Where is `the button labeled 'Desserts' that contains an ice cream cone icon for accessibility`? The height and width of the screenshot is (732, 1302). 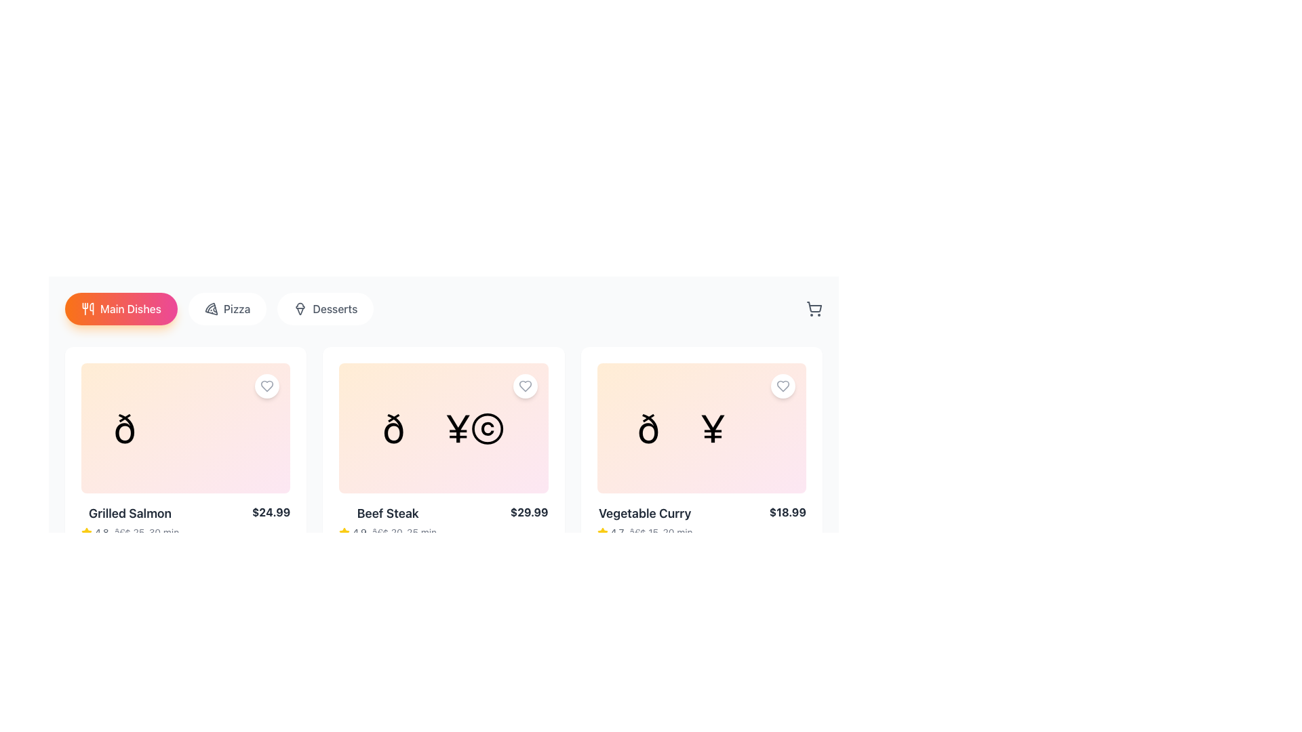 the button labeled 'Desserts' that contains an ice cream cone icon for accessibility is located at coordinates (300, 308).